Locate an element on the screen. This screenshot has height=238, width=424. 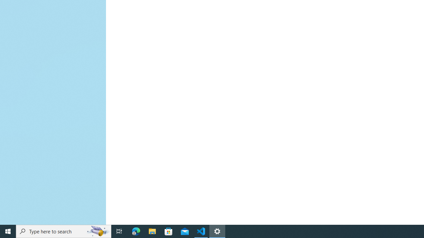
'Type here to search' is located at coordinates (64, 231).